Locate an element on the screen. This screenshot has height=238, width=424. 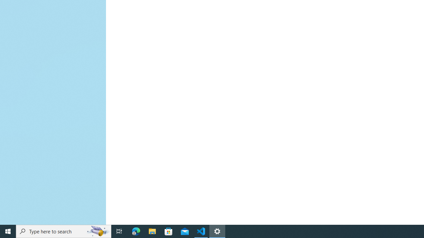
'Type here to search' is located at coordinates (64, 231).